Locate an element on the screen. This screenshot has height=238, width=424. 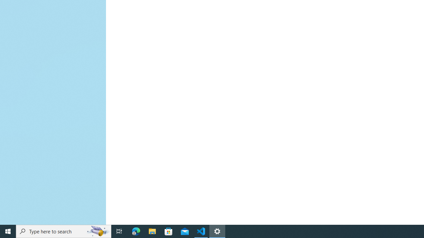
'Type here to search' is located at coordinates (64, 231).